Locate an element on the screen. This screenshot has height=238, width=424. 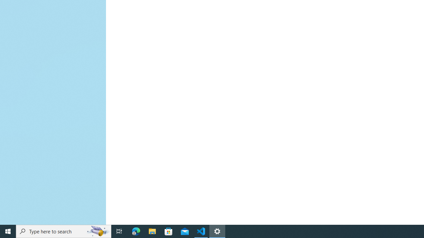
'Type here to search' is located at coordinates (64, 231).